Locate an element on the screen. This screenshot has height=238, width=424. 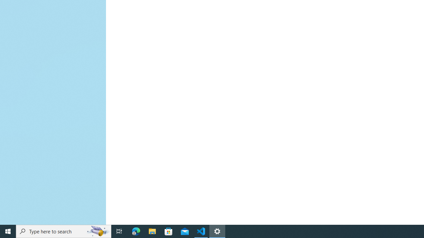
'Type here to search' is located at coordinates (64, 231).